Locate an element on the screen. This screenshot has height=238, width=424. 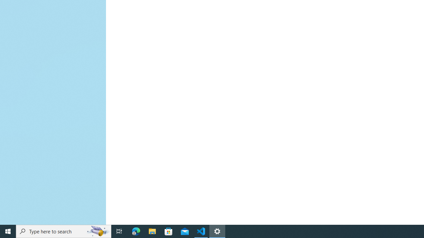
'Type here to search' is located at coordinates (64, 231).